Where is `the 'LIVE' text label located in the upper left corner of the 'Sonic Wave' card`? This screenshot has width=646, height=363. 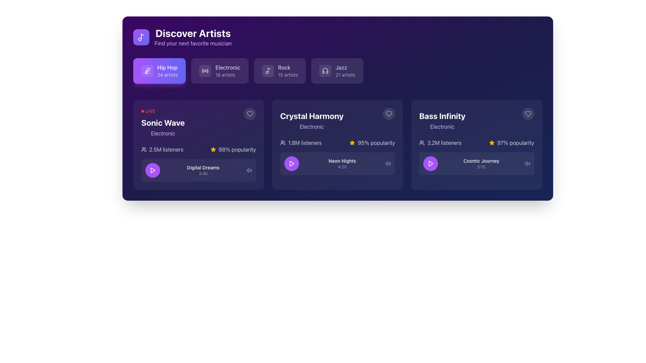 the 'LIVE' text label located in the upper left corner of the 'Sonic Wave' card is located at coordinates (150, 111).